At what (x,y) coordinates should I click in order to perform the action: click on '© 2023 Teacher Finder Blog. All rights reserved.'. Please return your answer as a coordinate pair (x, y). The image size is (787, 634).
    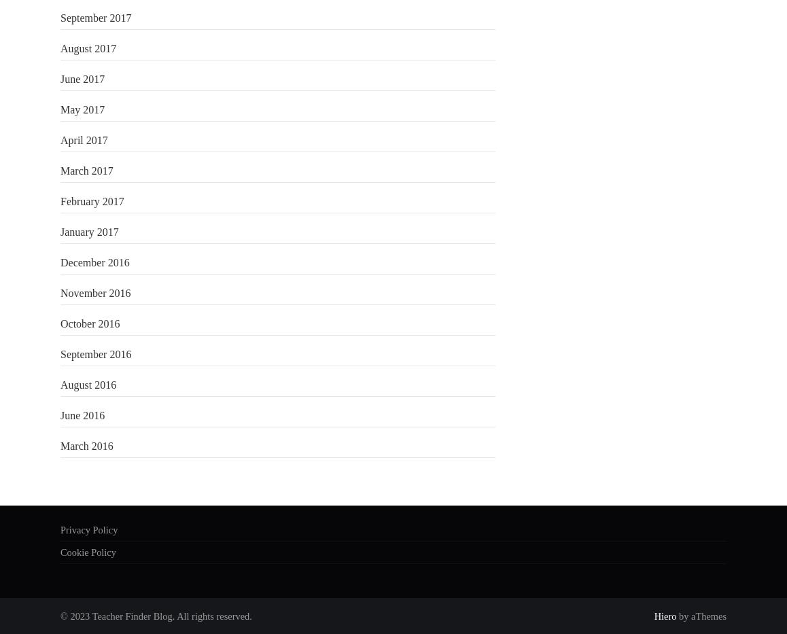
    Looking at the image, I should click on (156, 616).